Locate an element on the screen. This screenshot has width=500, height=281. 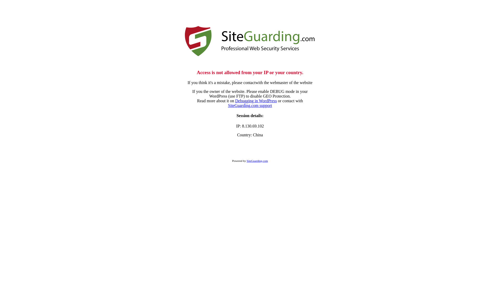
'SiteGuarding.com support' is located at coordinates (250, 105).